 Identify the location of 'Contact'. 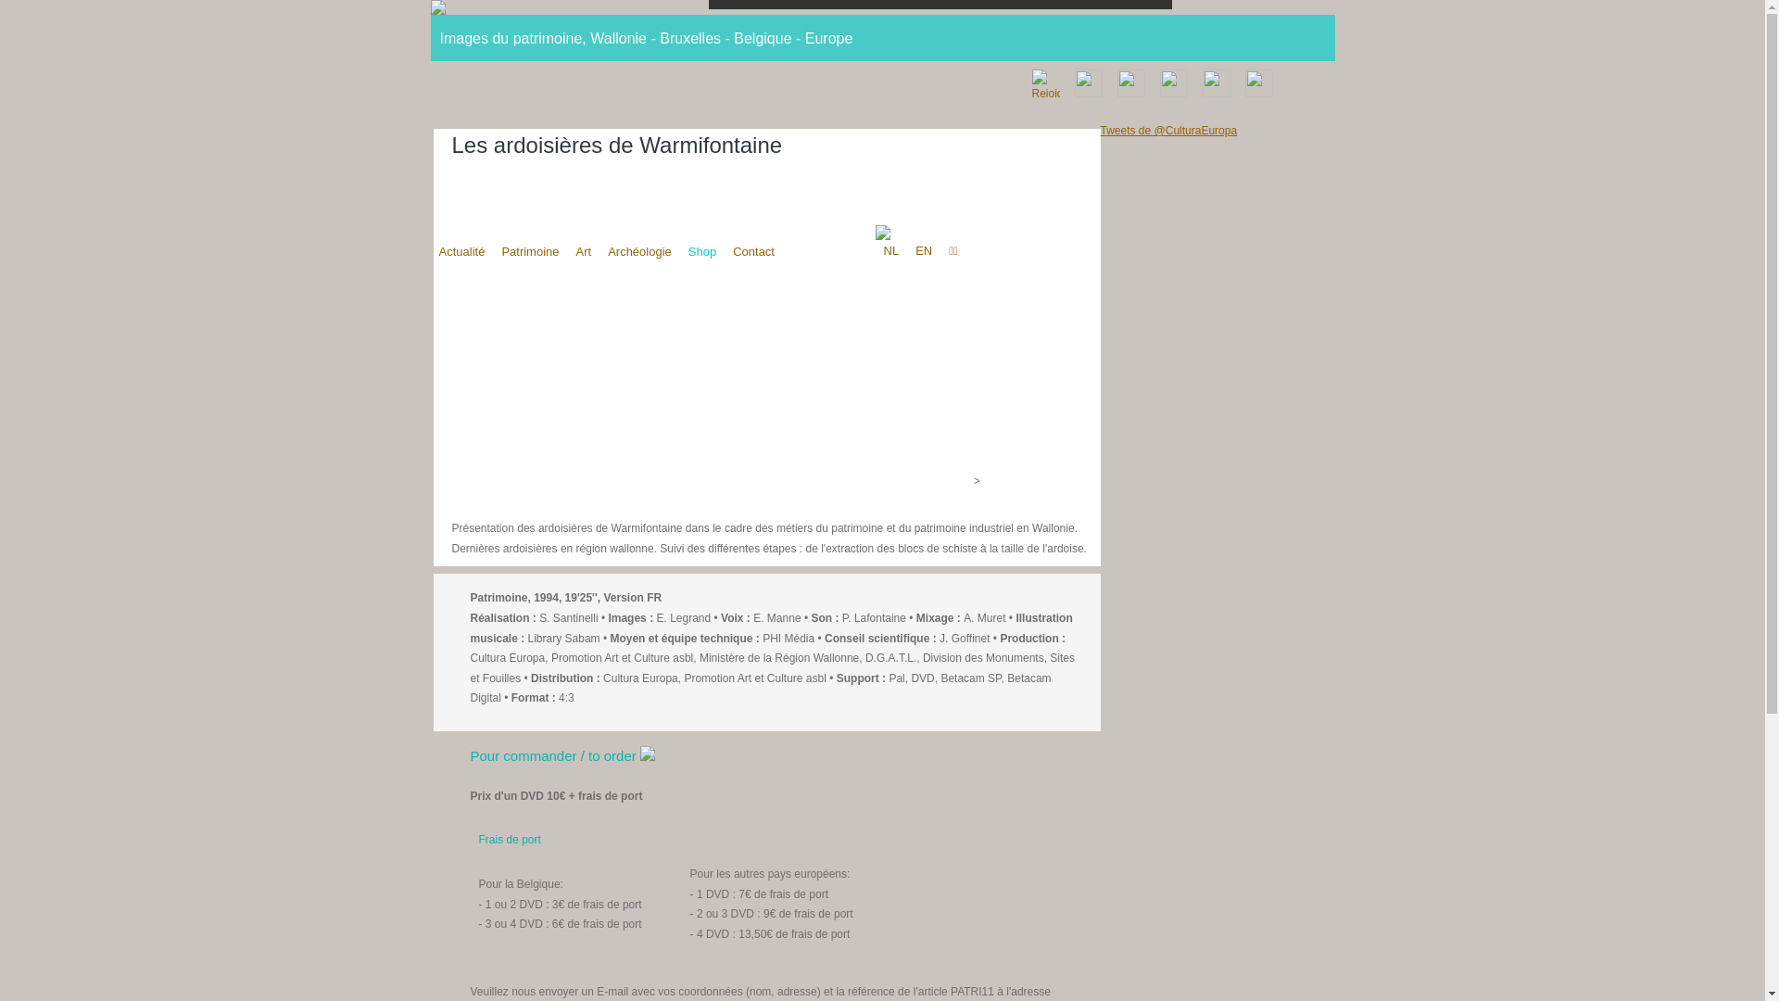
(753, 251).